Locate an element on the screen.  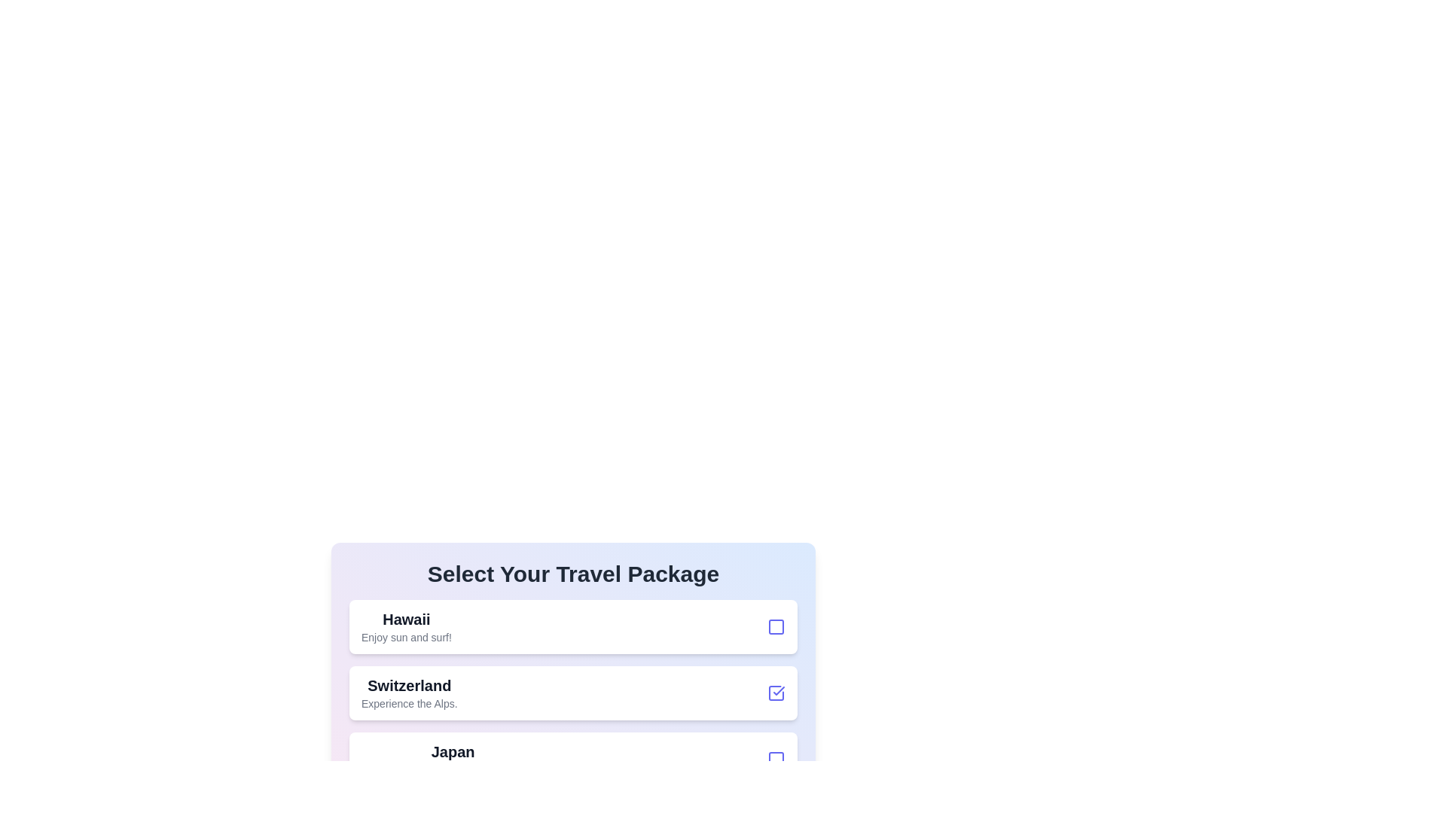
the travel package list item corresponding to Japan is located at coordinates (572, 760).